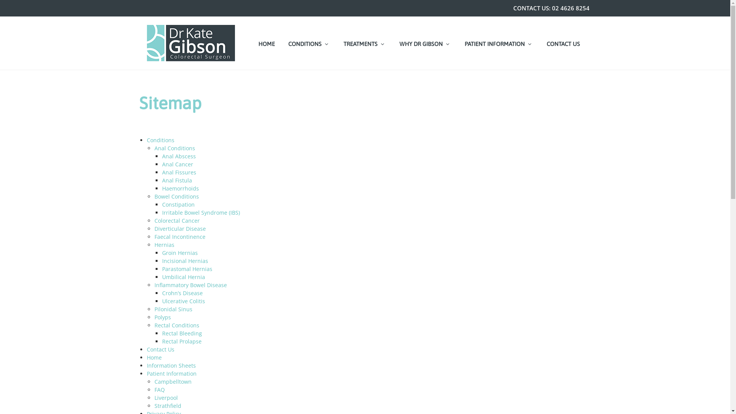 Image resolution: width=736 pixels, height=414 pixels. I want to click on 'Irritable Bowel Syndrome (IBS)', so click(200, 212).